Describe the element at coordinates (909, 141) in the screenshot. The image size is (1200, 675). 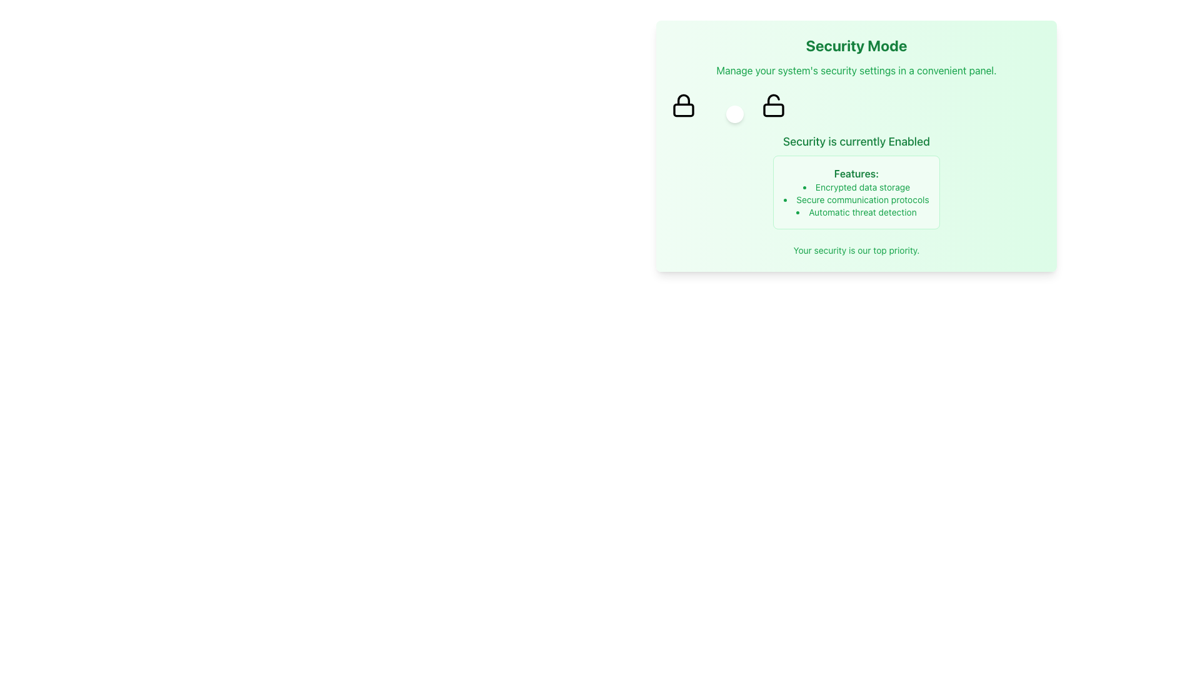
I see `the text label indicating the current security mode status, which displays 'Enabled' in the security settings panel` at that location.